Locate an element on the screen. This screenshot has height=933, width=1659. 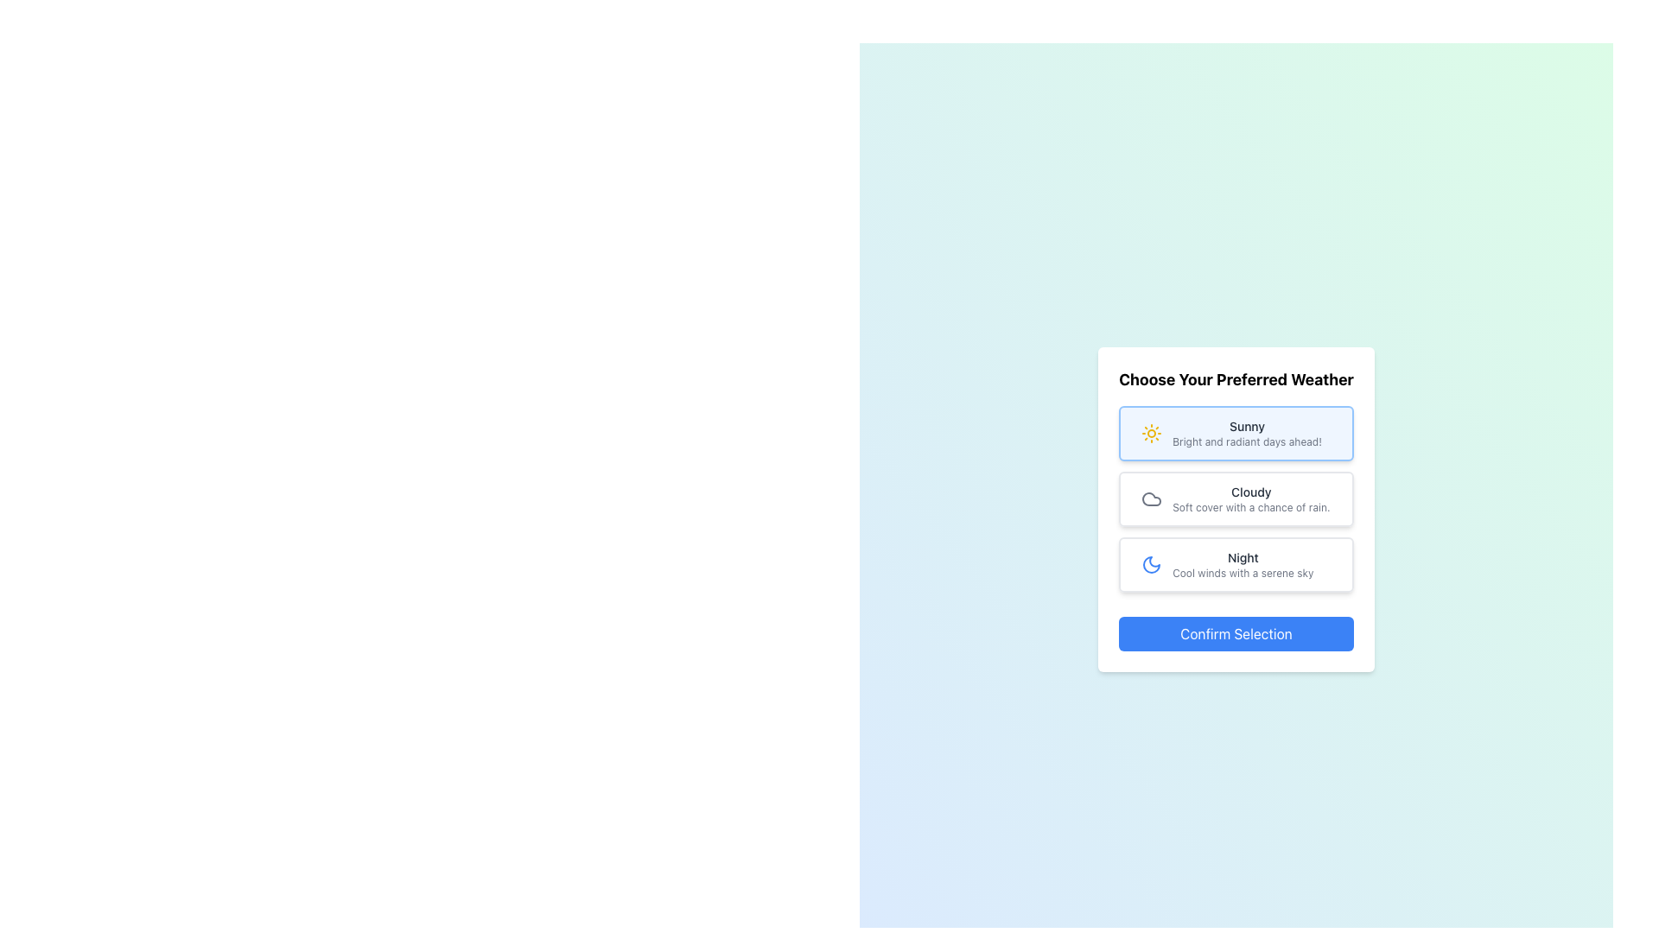
the text label displaying 'Night' with the description 'Cool winds with a serene sky', which is part of a weather selection interface and styled like a button is located at coordinates (1242, 565).